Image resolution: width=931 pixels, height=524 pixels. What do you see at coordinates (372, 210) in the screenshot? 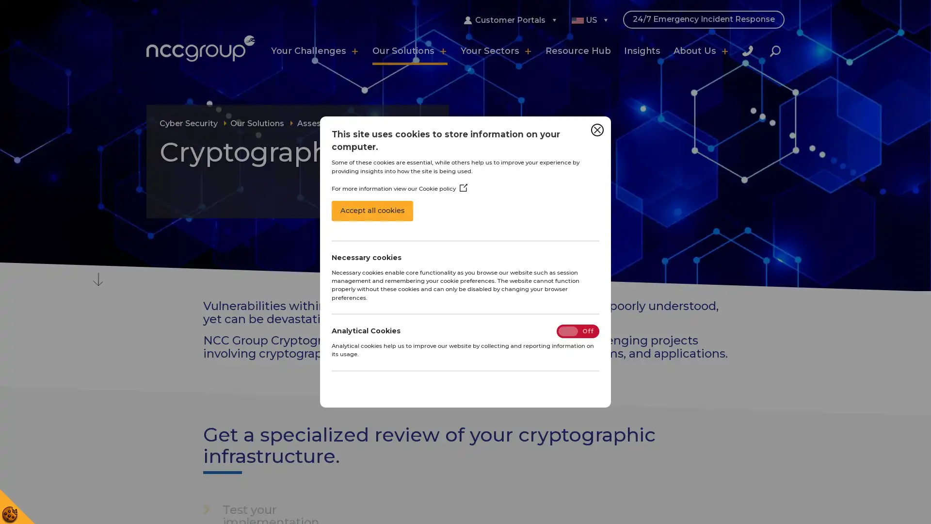
I see `Accept all cookies` at bounding box center [372, 210].